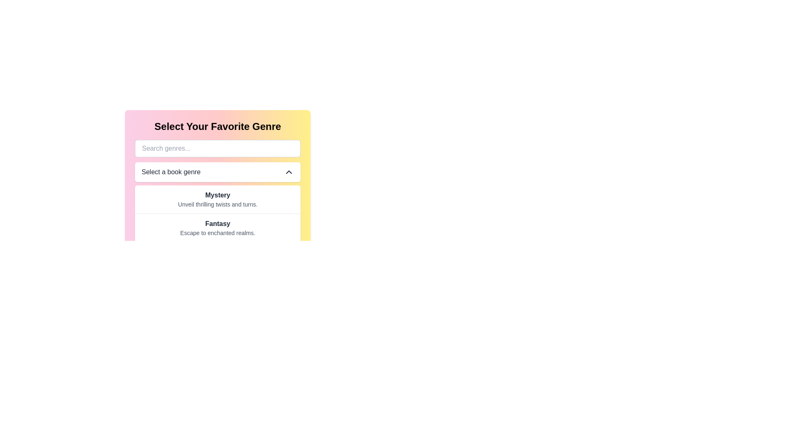  What do you see at coordinates (218, 199) in the screenshot?
I see `to select the genre 'Mystery' from the topmost entry in the list, which features a bold title and a description` at bounding box center [218, 199].